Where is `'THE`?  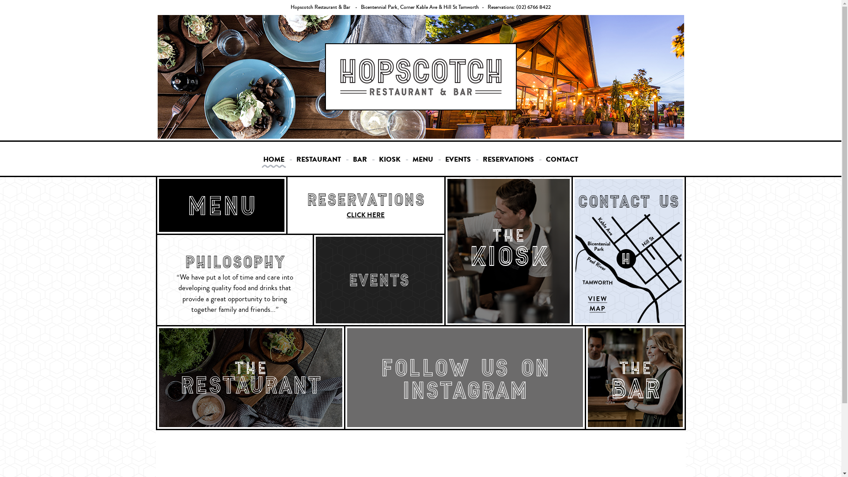 'THE is located at coordinates (250, 378).